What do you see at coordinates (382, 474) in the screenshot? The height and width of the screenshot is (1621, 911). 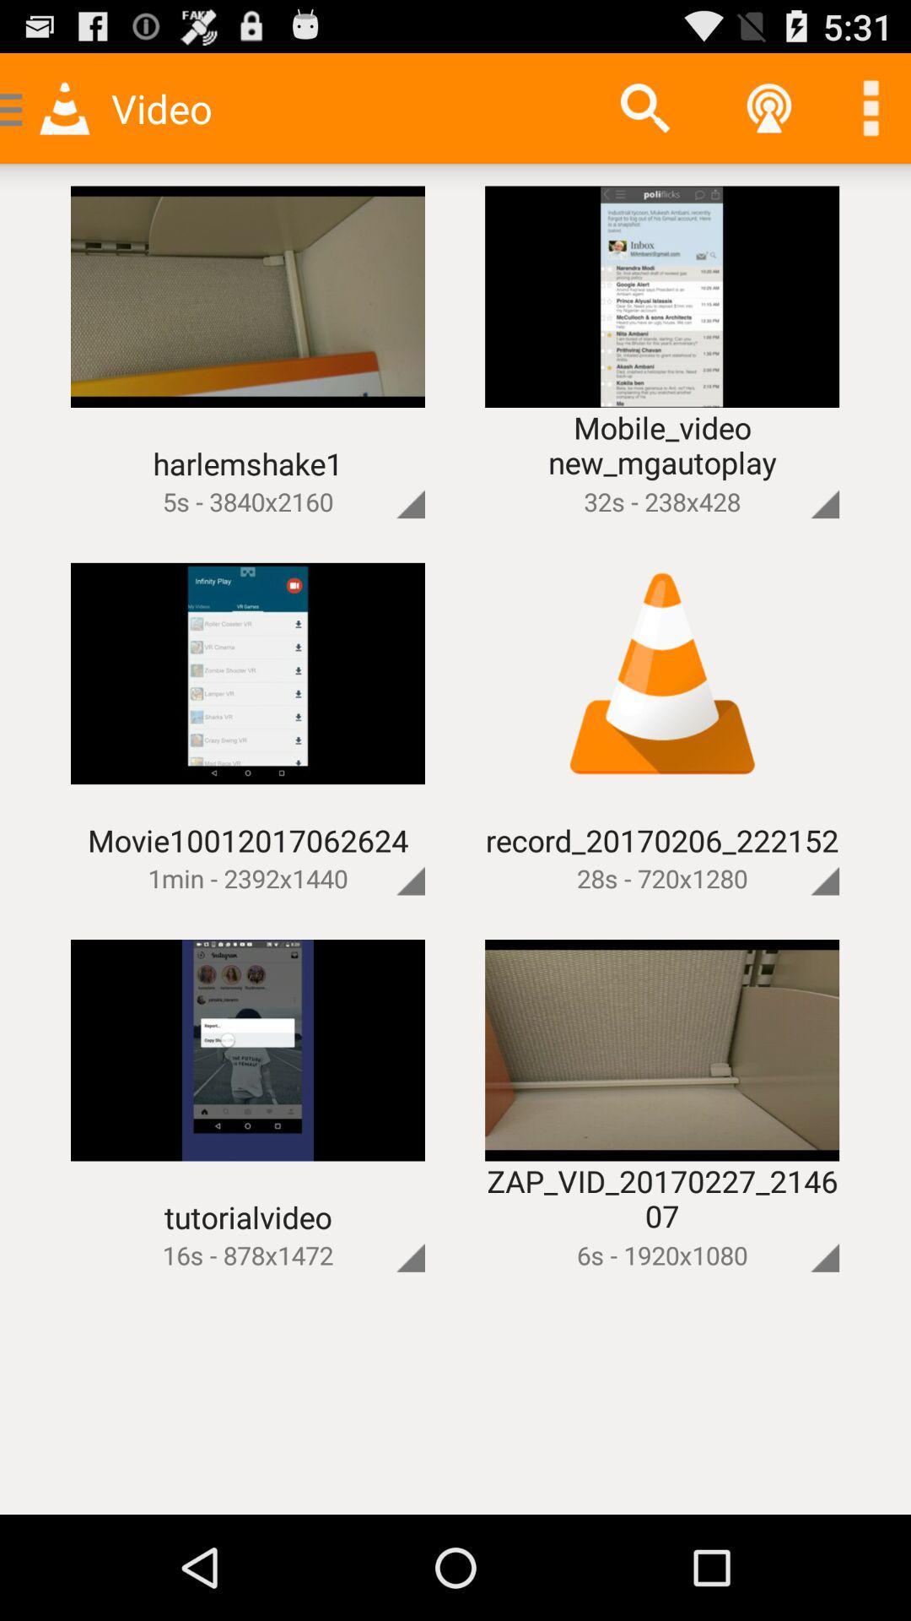 I see `more options` at bounding box center [382, 474].